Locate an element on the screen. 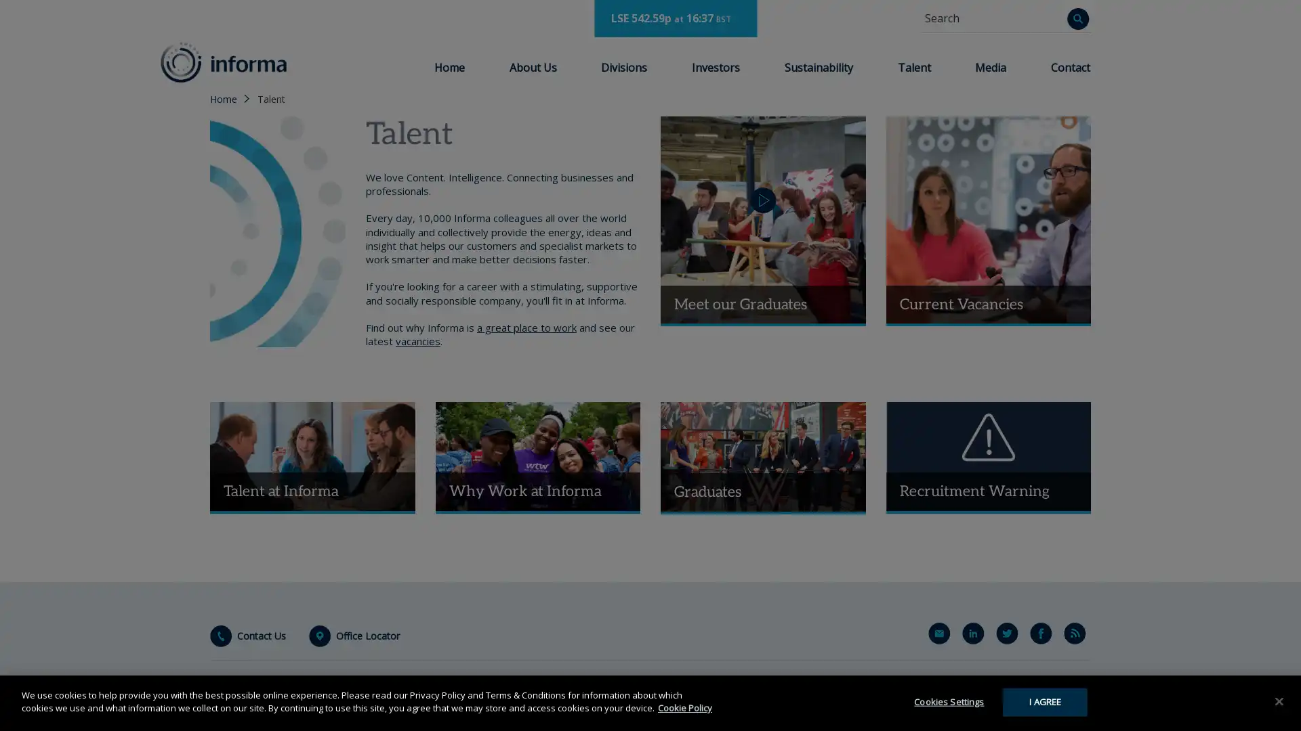 The height and width of the screenshot is (731, 1301). Cookies Settings is located at coordinates (948, 701).